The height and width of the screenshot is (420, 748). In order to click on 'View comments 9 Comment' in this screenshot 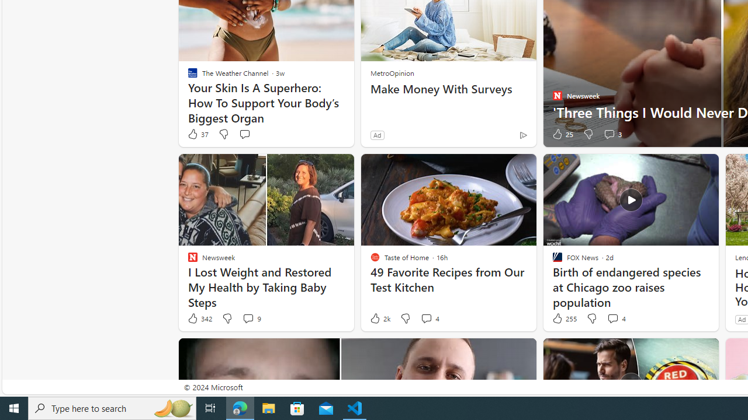, I will do `click(247, 318)`.